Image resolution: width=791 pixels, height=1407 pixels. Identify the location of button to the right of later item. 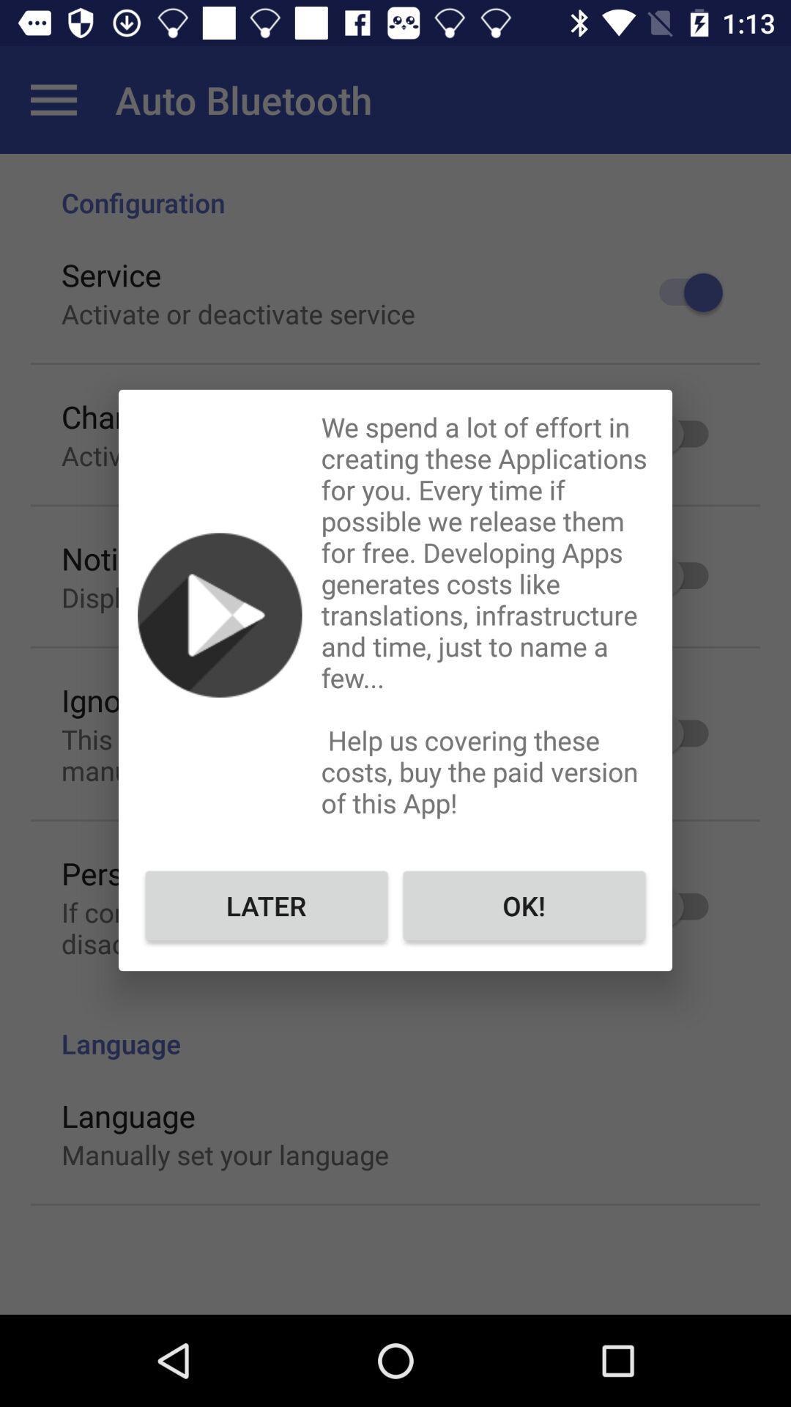
(523, 904).